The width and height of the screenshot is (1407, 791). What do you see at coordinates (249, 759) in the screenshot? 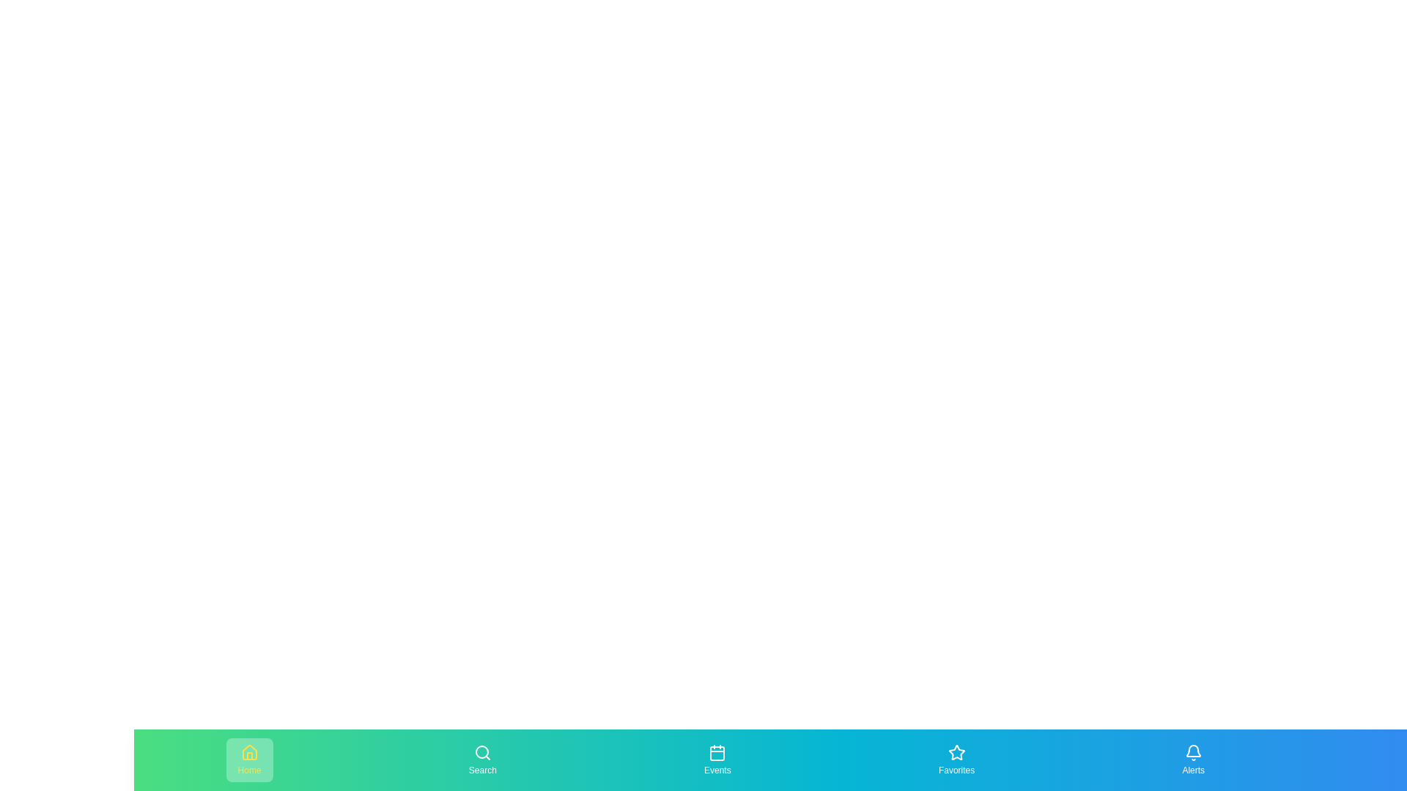
I see `the navigation item labeled Home to preview its effect` at bounding box center [249, 759].